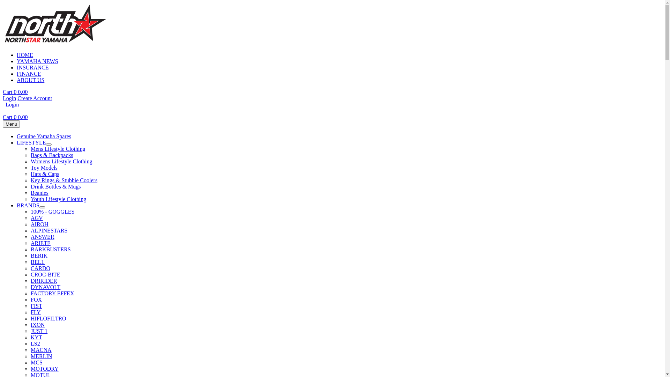 Image resolution: width=670 pixels, height=377 pixels. What do you see at coordinates (30, 180) in the screenshot?
I see `'Key Rings & Stubbie Coolers'` at bounding box center [30, 180].